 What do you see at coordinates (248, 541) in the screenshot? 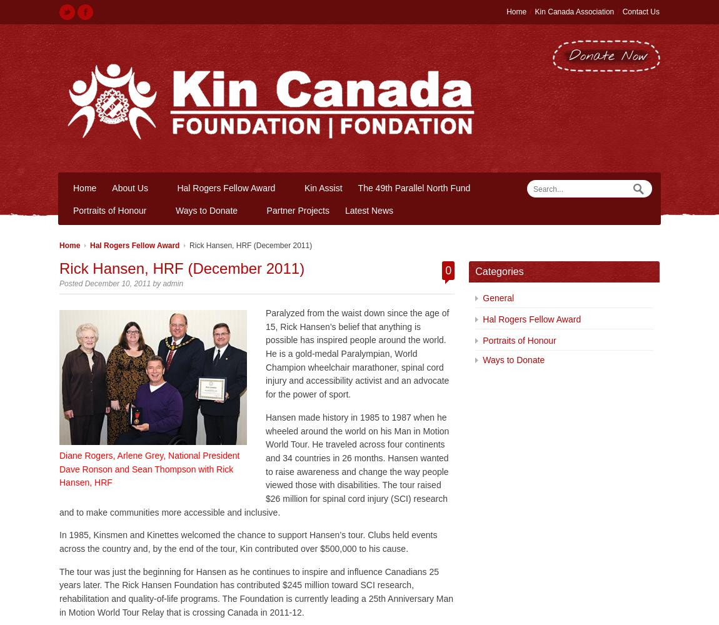
I see `'In 1985, Kinsmen and Kinettes welcomed the chance to support Hansen’s tour. Clubs held events across the country and, by the end of the tour, Kin contributed over $500,000 to his cause.'` at bounding box center [248, 541].